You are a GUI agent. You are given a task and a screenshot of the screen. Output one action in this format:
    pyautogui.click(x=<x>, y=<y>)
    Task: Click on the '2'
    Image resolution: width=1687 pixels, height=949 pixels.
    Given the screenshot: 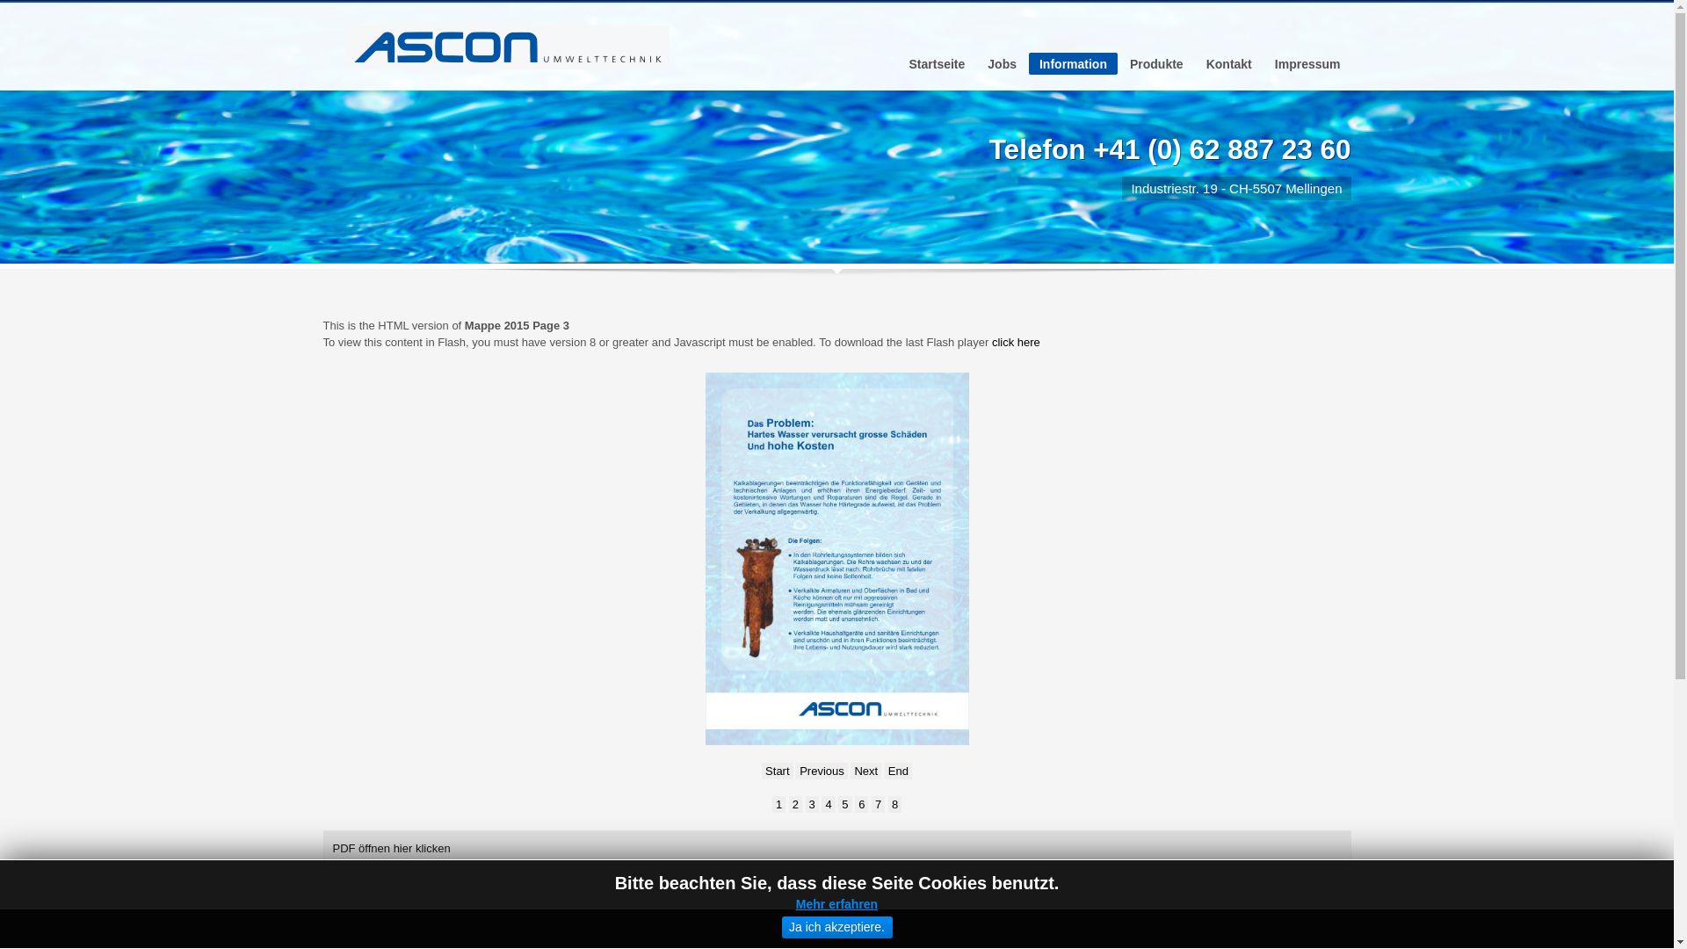 What is the action you would take?
    pyautogui.click(x=794, y=804)
    